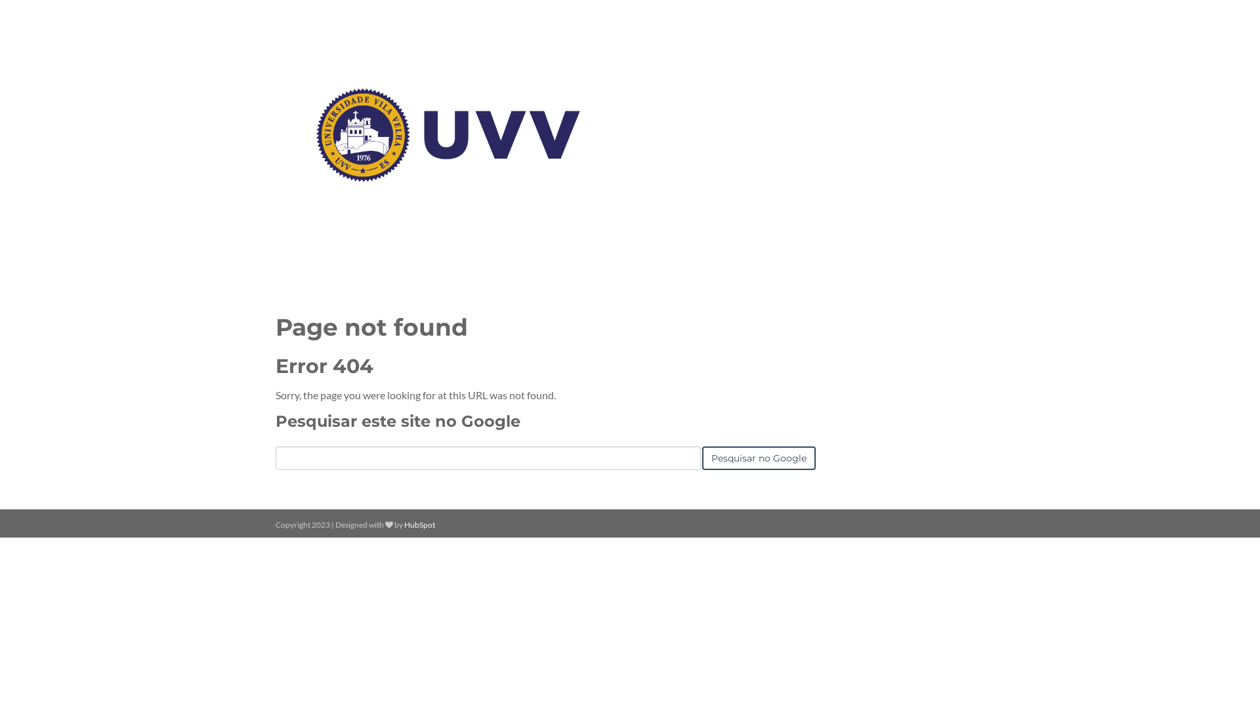 Image resolution: width=1260 pixels, height=708 pixels. I want to click on 'uvv-logo', so click(448, 134).